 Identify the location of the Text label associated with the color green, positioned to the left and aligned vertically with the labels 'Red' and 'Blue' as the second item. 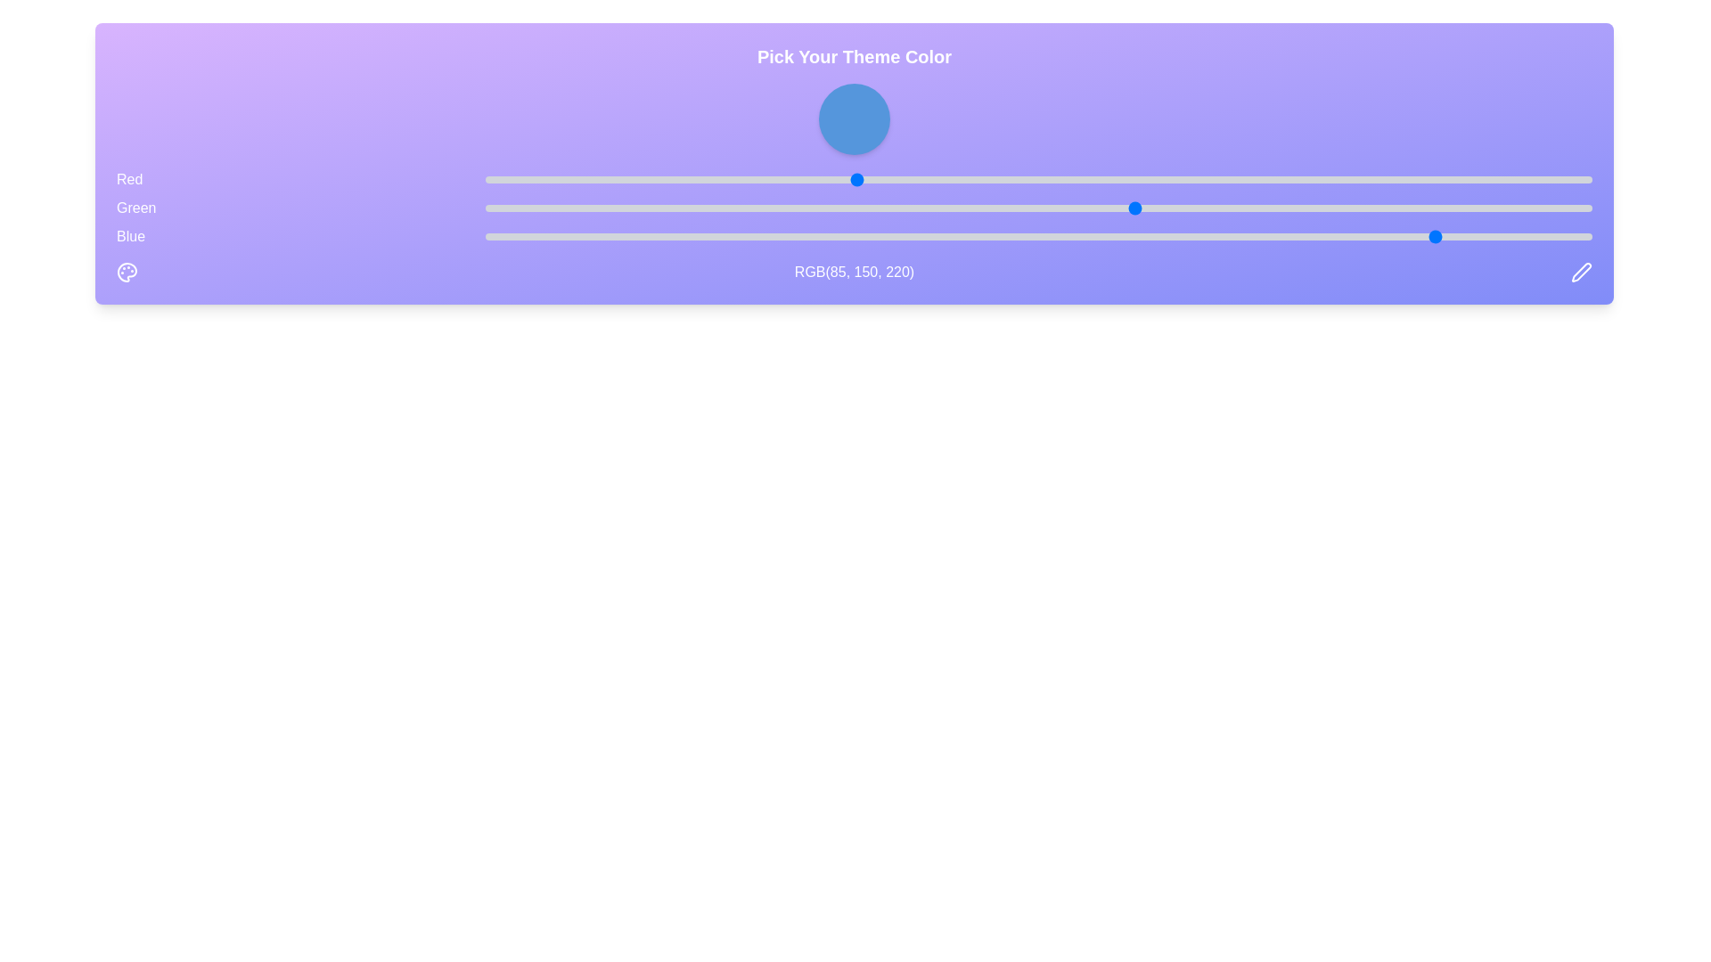
(135, 208).